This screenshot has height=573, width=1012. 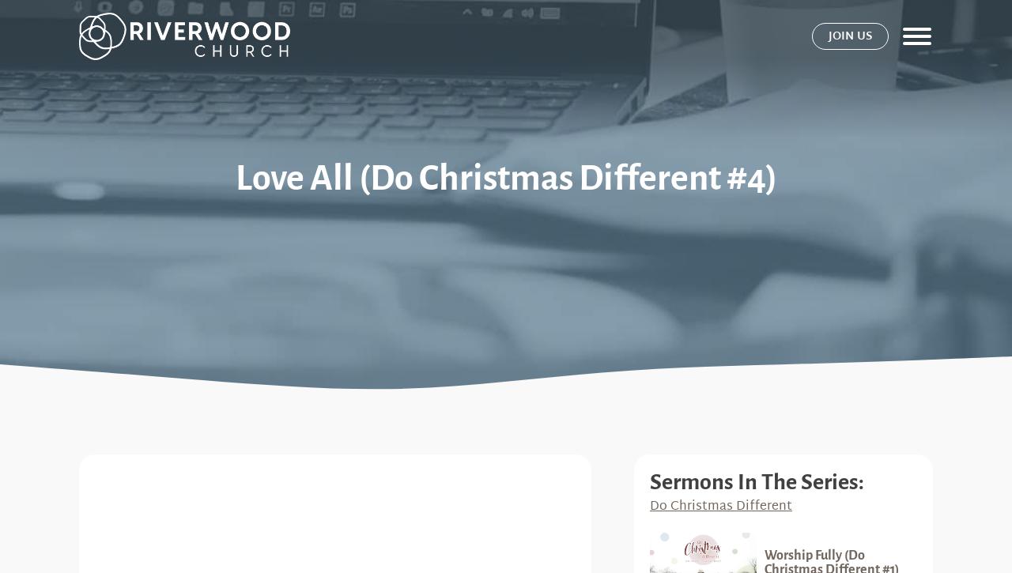 I want to click on 'About', so click(x=350, y=324).